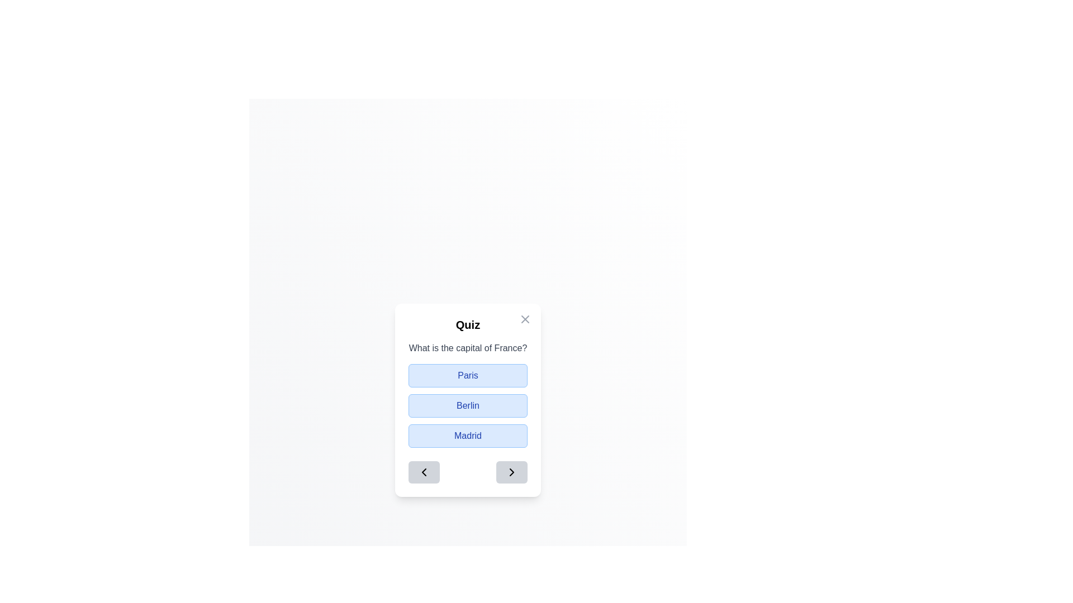 The image size is (1073, 603). What do you see at coordinates (468, 325) in the screenshot?
I see `the static text component displaying the word 'Quiz', which is styled in bold and relatively large font, positioned above the question 'What is the capital of France?' and below an interactive button in the top-right corner` at bounding box center [468, 325].